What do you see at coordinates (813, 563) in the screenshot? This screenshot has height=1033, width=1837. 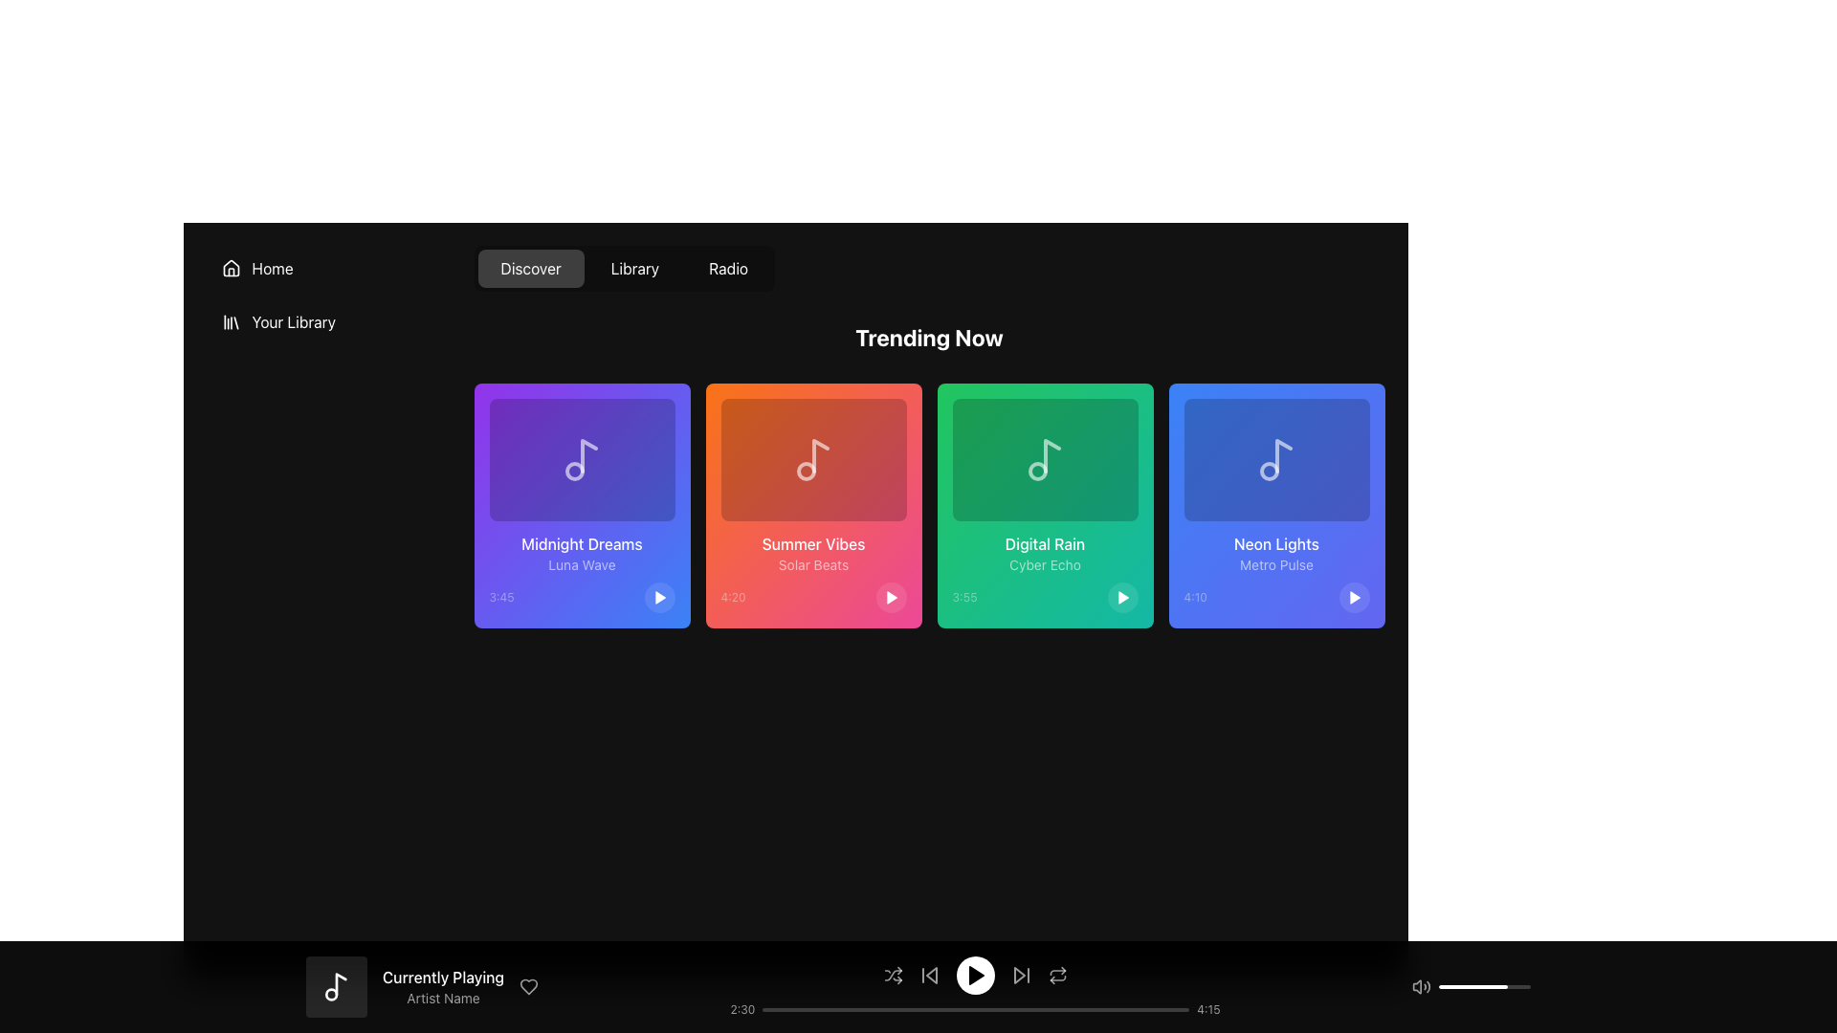 I see `the 'Solar Beats' text label, which is a small text in light color on a gradient orange-pink background, located in the 'Summer Vibes' card under the 'Trending Now' section` at bounding box center [813, 563].